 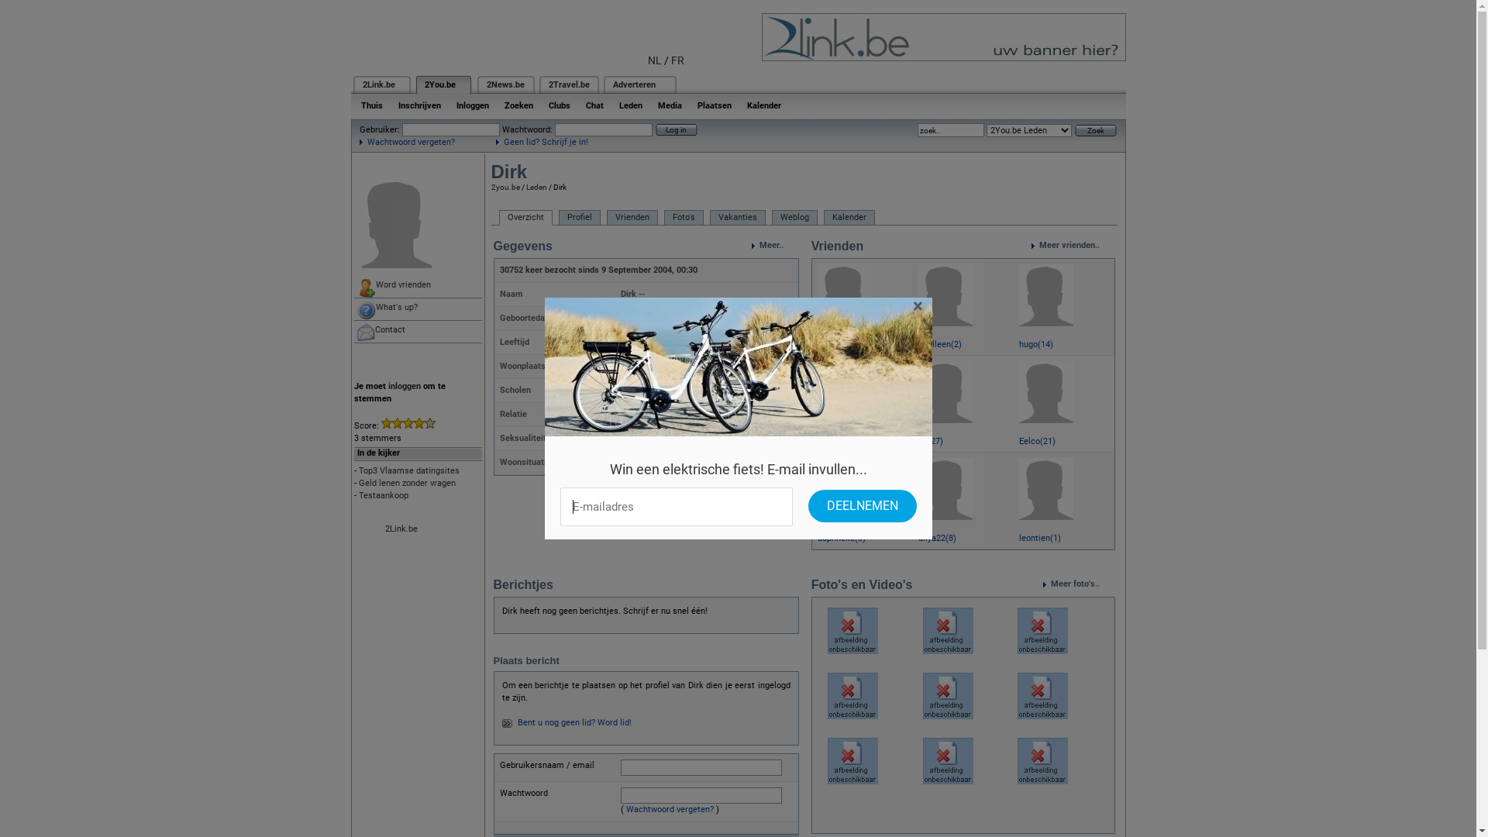 What do you see at coordinates (829, 343) in the screenshot?
I see `'Rita(1)'` at bounding box center [829, 343].